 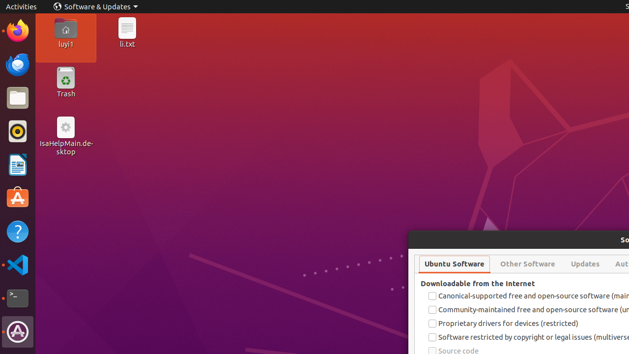 I want to click on 'Trash', so click(x=65, y=94).